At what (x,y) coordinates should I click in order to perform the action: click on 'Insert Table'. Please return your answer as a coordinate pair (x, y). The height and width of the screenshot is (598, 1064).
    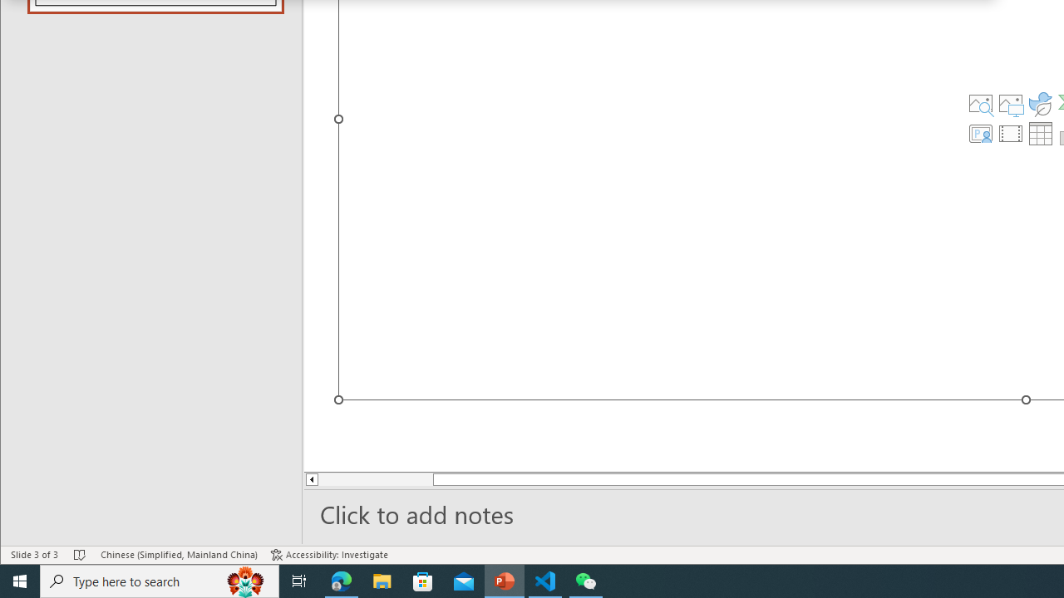
    Looking at the image, I should click on (1040, 132).